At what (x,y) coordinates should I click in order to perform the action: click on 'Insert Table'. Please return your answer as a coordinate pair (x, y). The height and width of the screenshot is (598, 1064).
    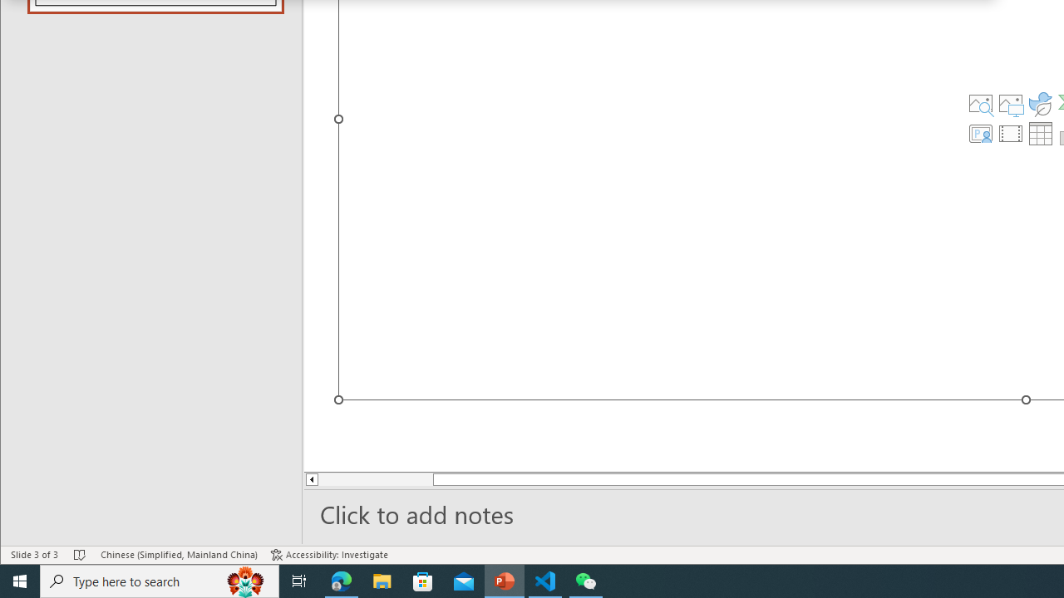
    Looking at the image, I should click on (1040, 132).